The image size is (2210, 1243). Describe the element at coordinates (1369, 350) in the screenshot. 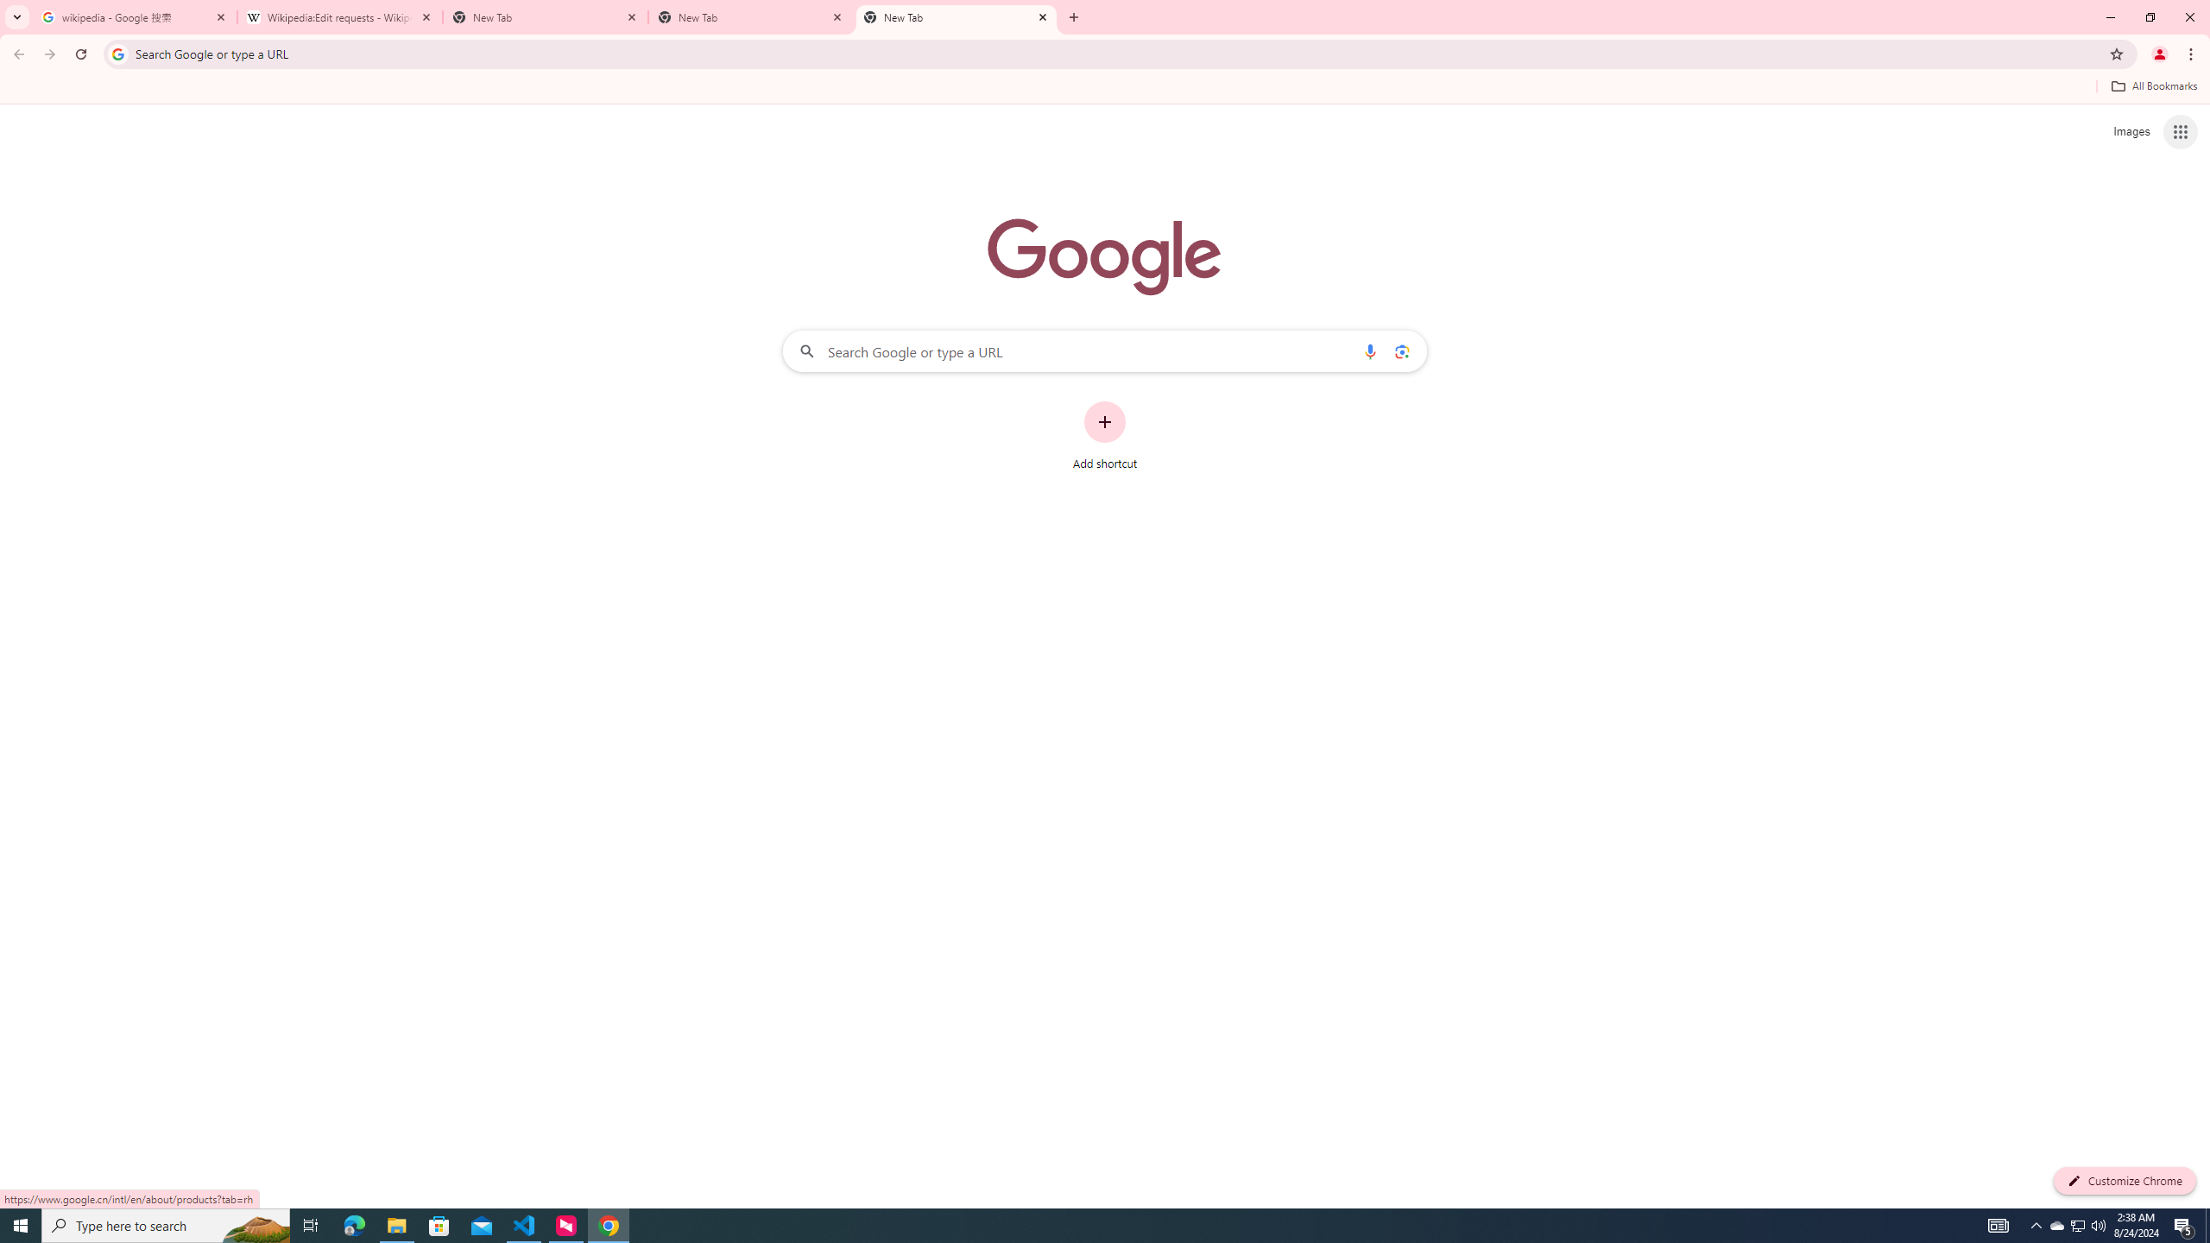

I see `'Search by voice'` at that location.